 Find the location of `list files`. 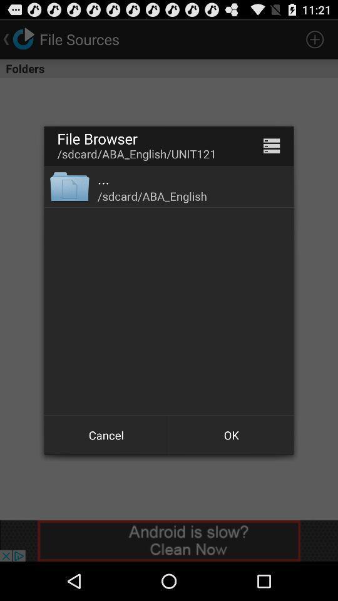

list files is located at coordinates (271, 146).